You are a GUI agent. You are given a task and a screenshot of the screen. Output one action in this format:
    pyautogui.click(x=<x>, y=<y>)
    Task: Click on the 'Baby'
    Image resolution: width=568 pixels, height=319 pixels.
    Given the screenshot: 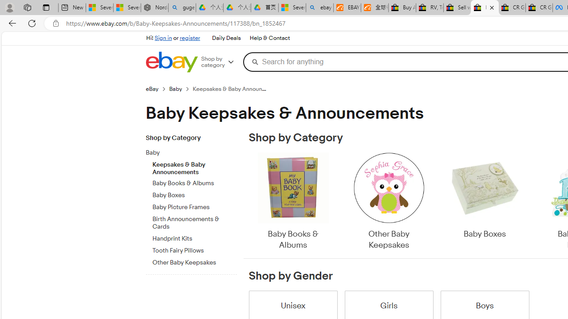 What is the action you would take?
    pyautogui.click(x=187, y=152)
    